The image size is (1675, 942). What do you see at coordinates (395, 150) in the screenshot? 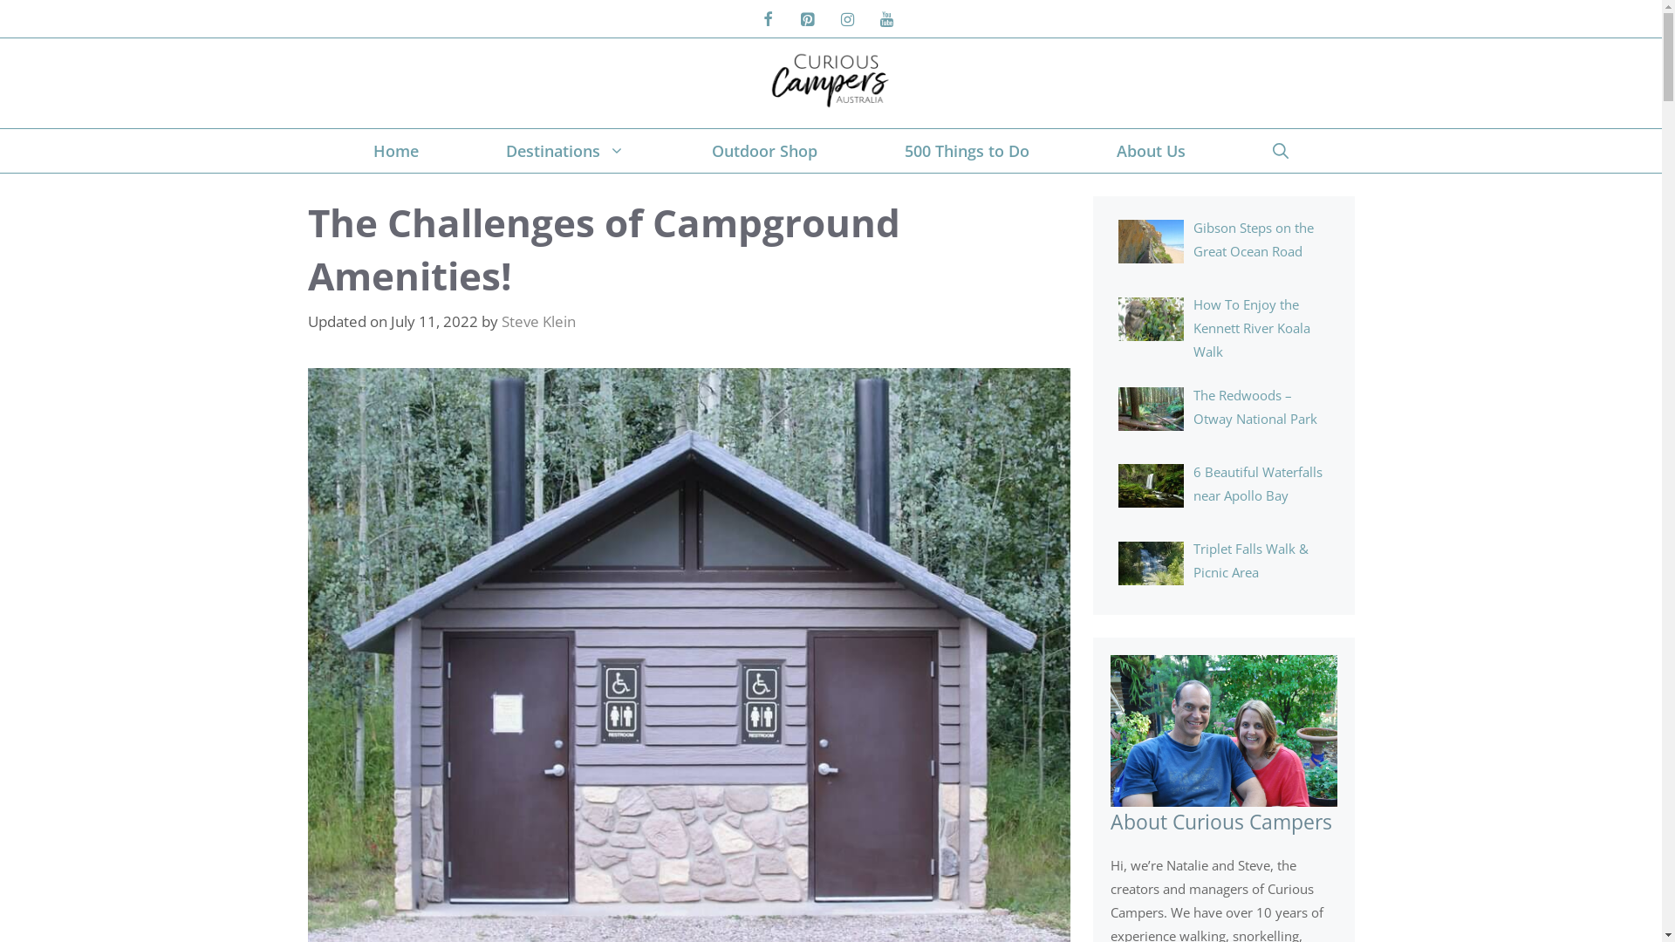
I see `'Home'` at bounding box center [395, 150].